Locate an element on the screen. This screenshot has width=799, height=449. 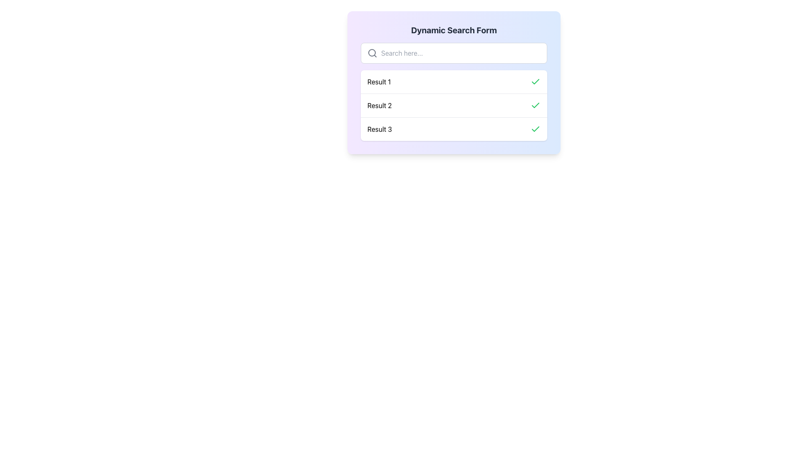
the text label displaying 'Result 1' in the first row of the search result list under 'Dynamic Search Form' is located at coordinates (379, 81).